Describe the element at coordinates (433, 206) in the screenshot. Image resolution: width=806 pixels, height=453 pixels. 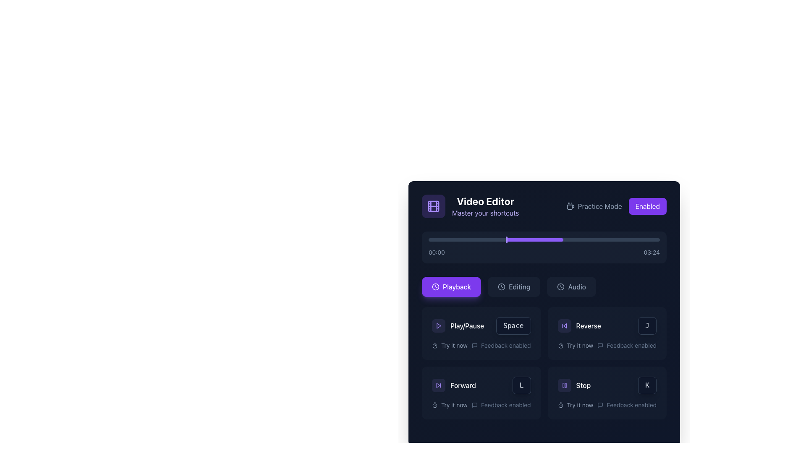
I see `the 'Video Editor' icon located at the top-left corner of the section displaying 'Video Editor' and 'Master your shortcuts'` at that location.